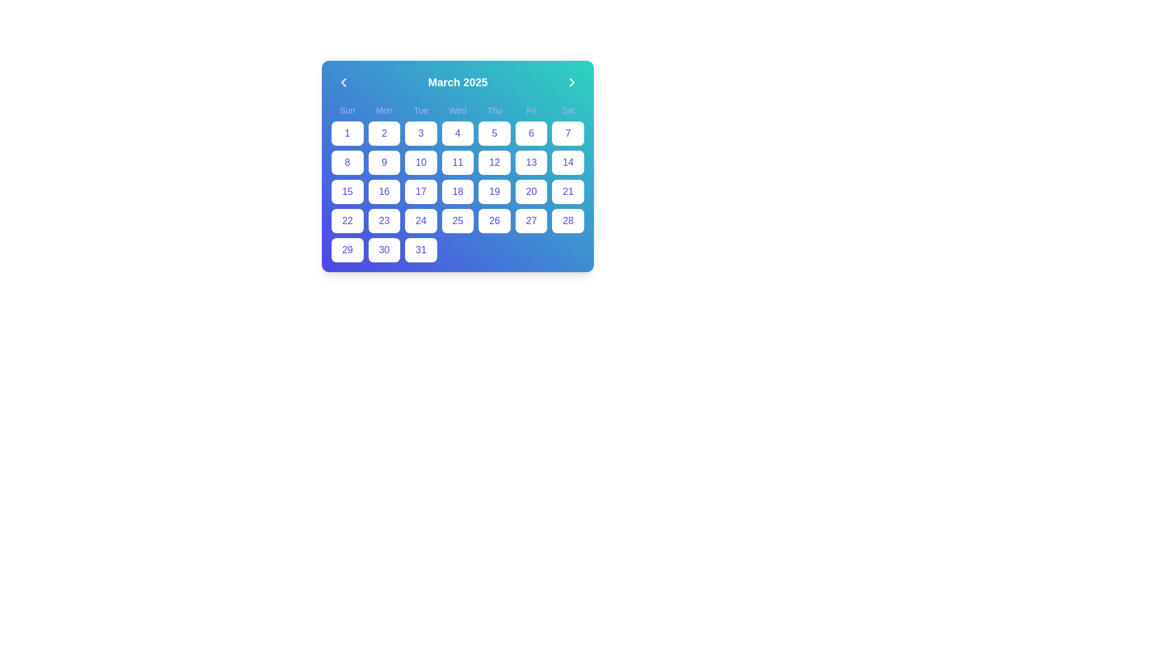  What do you see at coordinates (457, 191) in the screenshot?
I see `the interactive date button representing March 18, 2025, in the calendar` at bounding box center [457, 191].